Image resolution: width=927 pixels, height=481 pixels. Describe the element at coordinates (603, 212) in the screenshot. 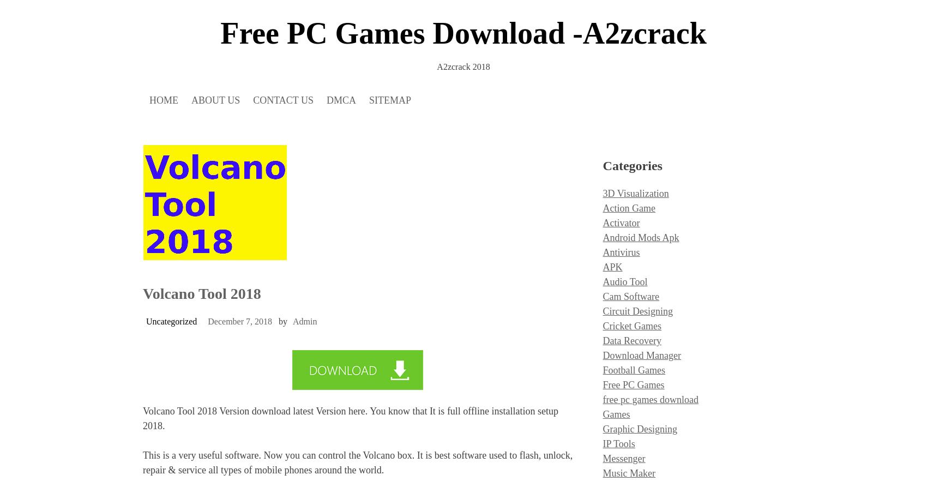

I see `'System Utilities Software'` at that location.